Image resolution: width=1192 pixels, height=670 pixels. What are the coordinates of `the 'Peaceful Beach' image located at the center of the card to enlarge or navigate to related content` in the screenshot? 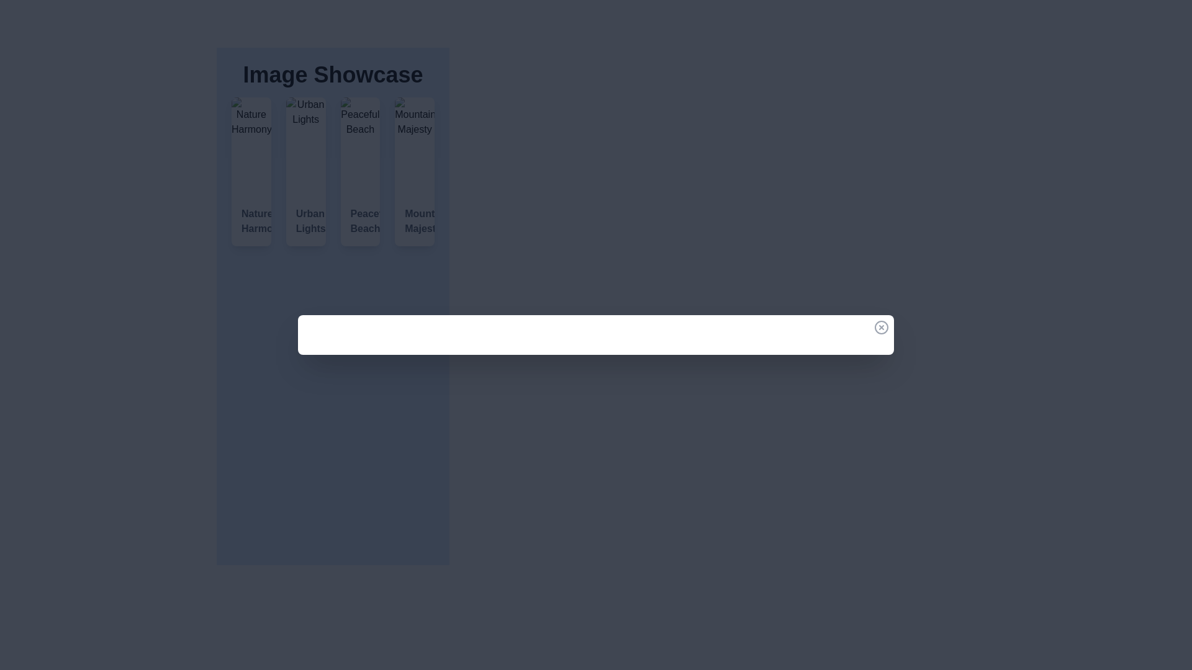 It's located at (359, 146).